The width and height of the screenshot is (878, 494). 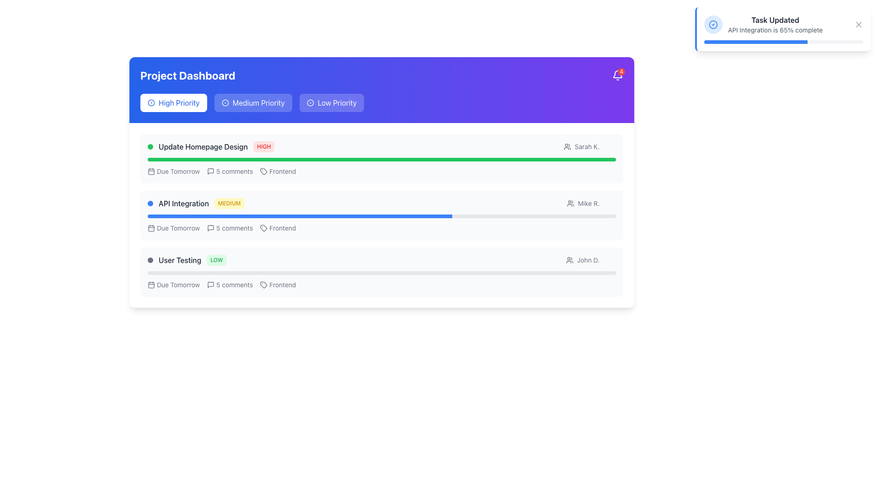 I want to click on the message bubble icon located, so click(x=210, y=227).